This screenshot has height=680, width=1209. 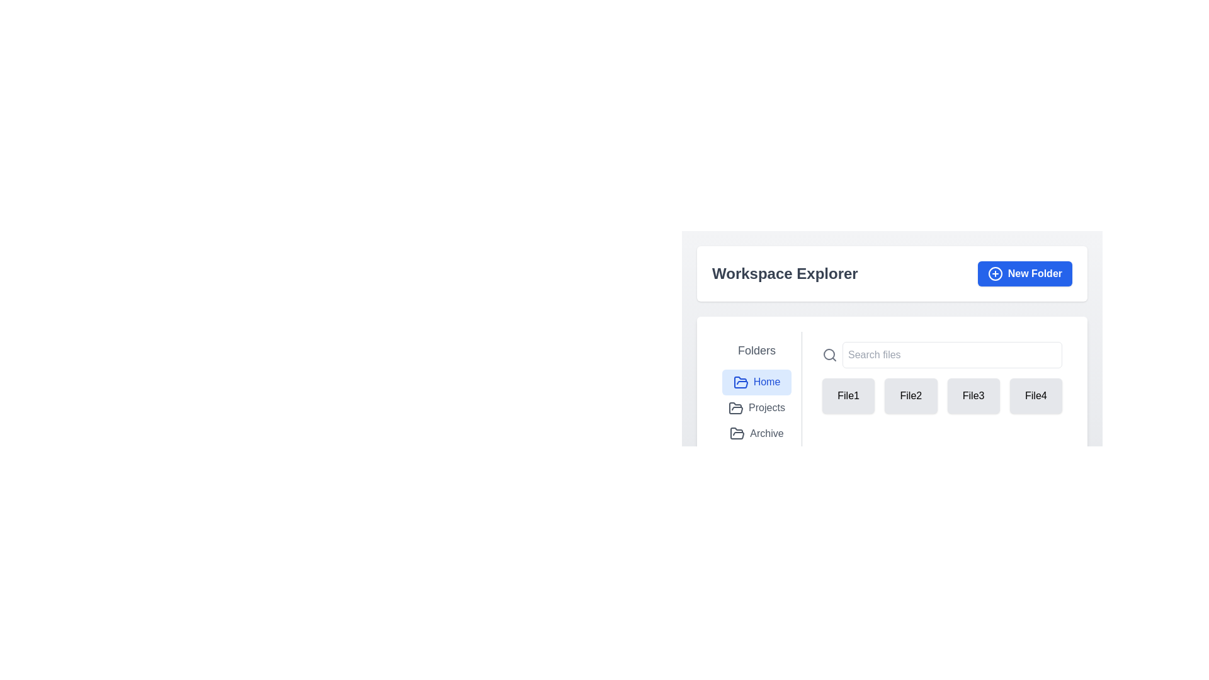 I want to click on SVG circle component that represents the plus icon for customization, located at the center of the plus icon, near the 'New Folder' button, so click(x=994, y=273).